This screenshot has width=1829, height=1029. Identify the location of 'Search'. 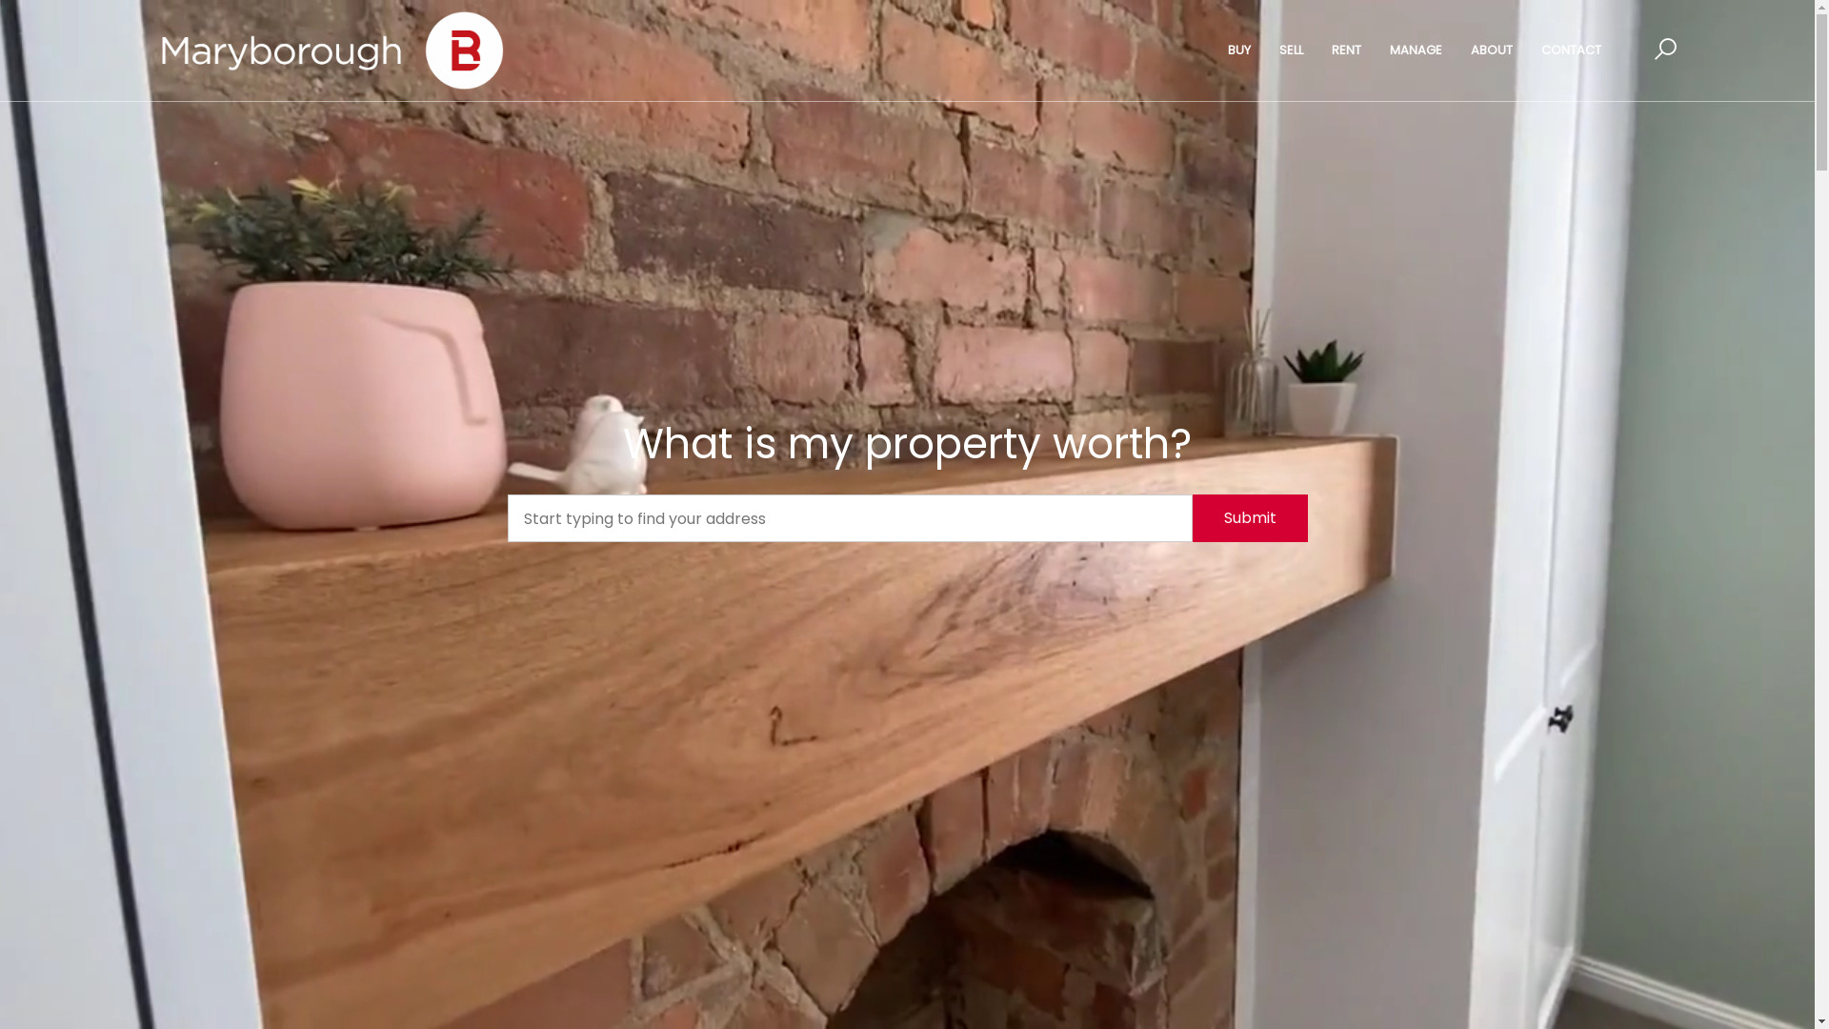
(1196, 167).